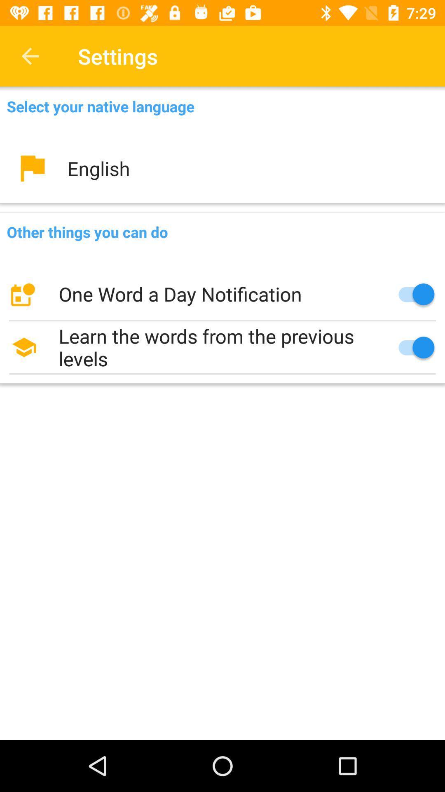  I want to click on icon to the left of the settings, so click(30, 56).